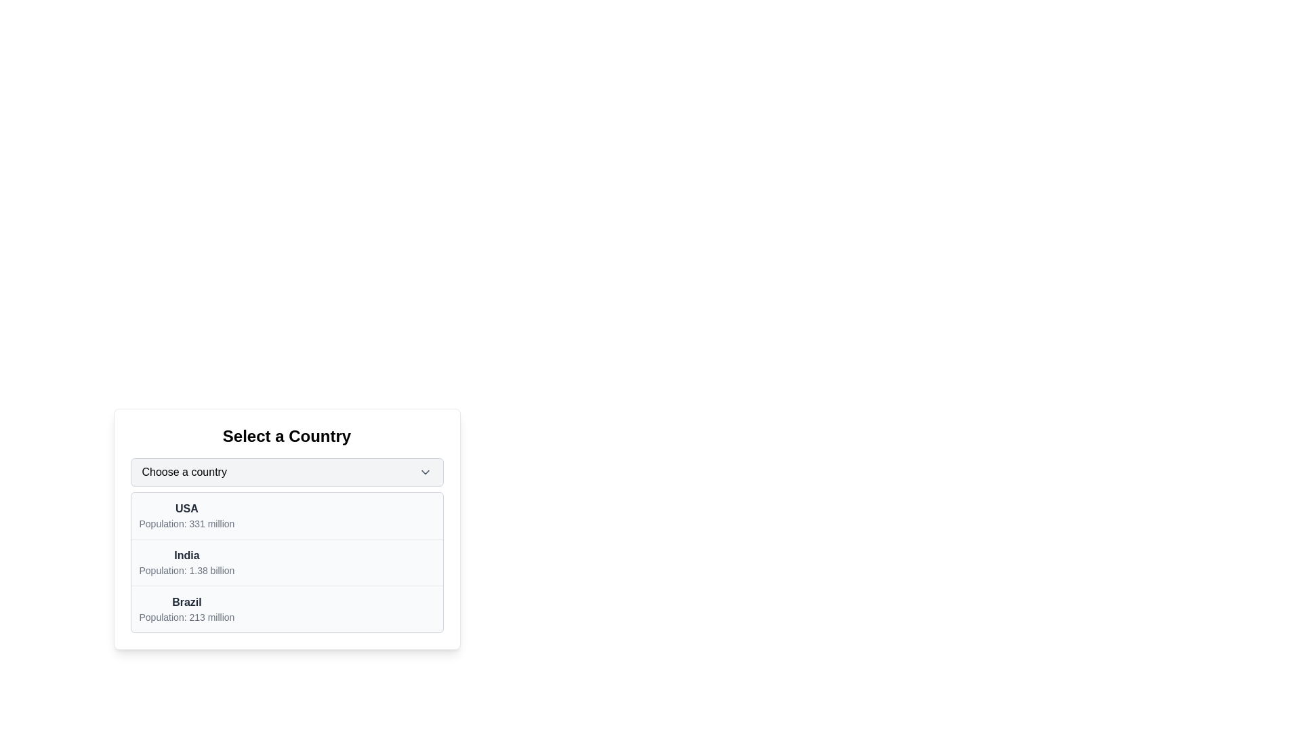 Image resolution: width=1301 pixels, height=732 pixels. What do you see at coordinates (186, 601) in the screenshot?
I see `label text displaying 'Brazil' which is positioned above the population information in a left-aligned dropdown list under the option 'India'` at bounding box center [186, 601].